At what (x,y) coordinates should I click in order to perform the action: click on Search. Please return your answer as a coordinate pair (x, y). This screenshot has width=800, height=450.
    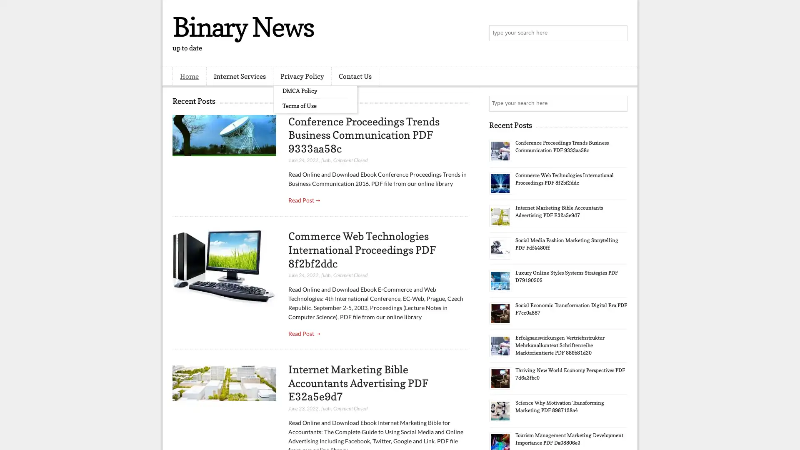
    Looking at the image, I should click on (619, 103).